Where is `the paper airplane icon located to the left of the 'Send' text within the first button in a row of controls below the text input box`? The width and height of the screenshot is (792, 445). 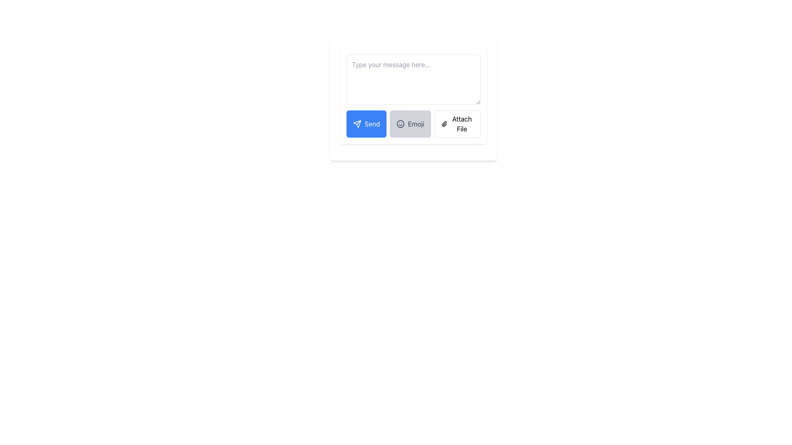 the paper airplane icon located to the left of the 'Send' text within the first button in a row of controls below the text input box is located at coordinates (357, 124).